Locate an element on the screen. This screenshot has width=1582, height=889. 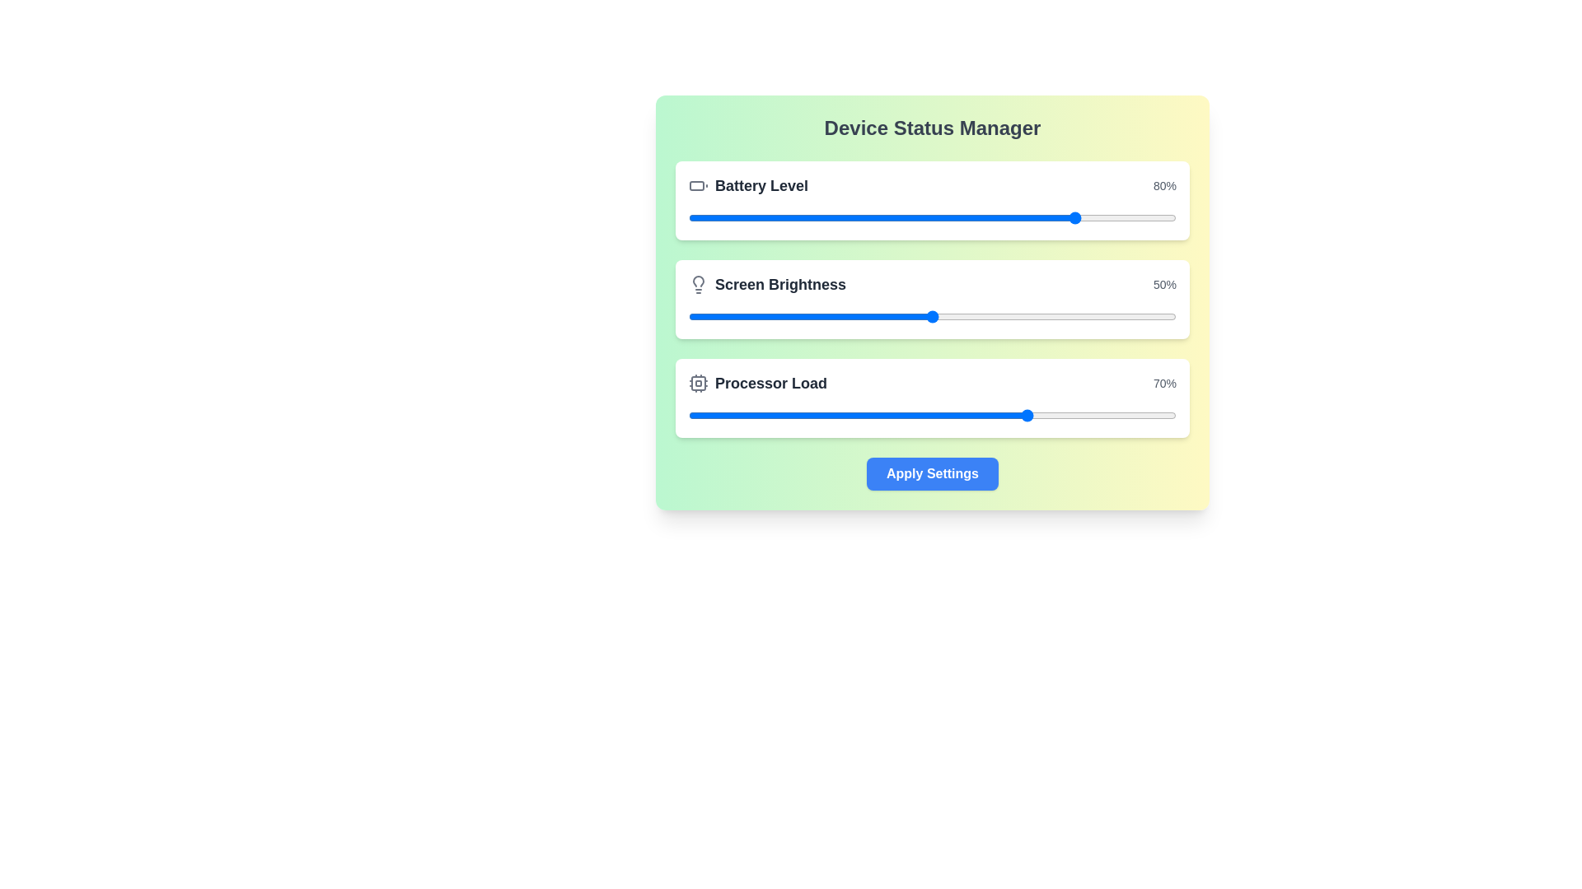
the displayed battery percentage '80%' on the informational display component featuring a battery icon and labeled 'Battery Level' is located at coordinates (933, 185).